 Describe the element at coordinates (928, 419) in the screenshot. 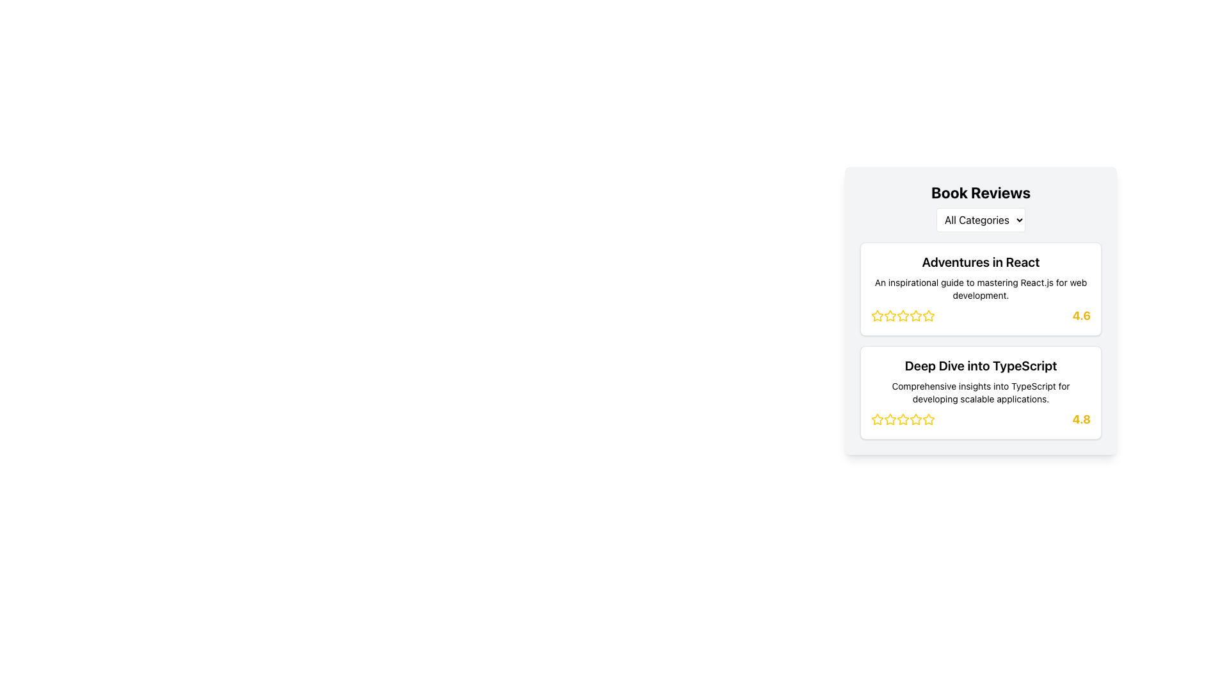

I see `the fifth Rating Star Icon, which is part of the rating system for the book review of 'Deep Dive into TypeScript' in the 'Book Reviews' section` at that location.